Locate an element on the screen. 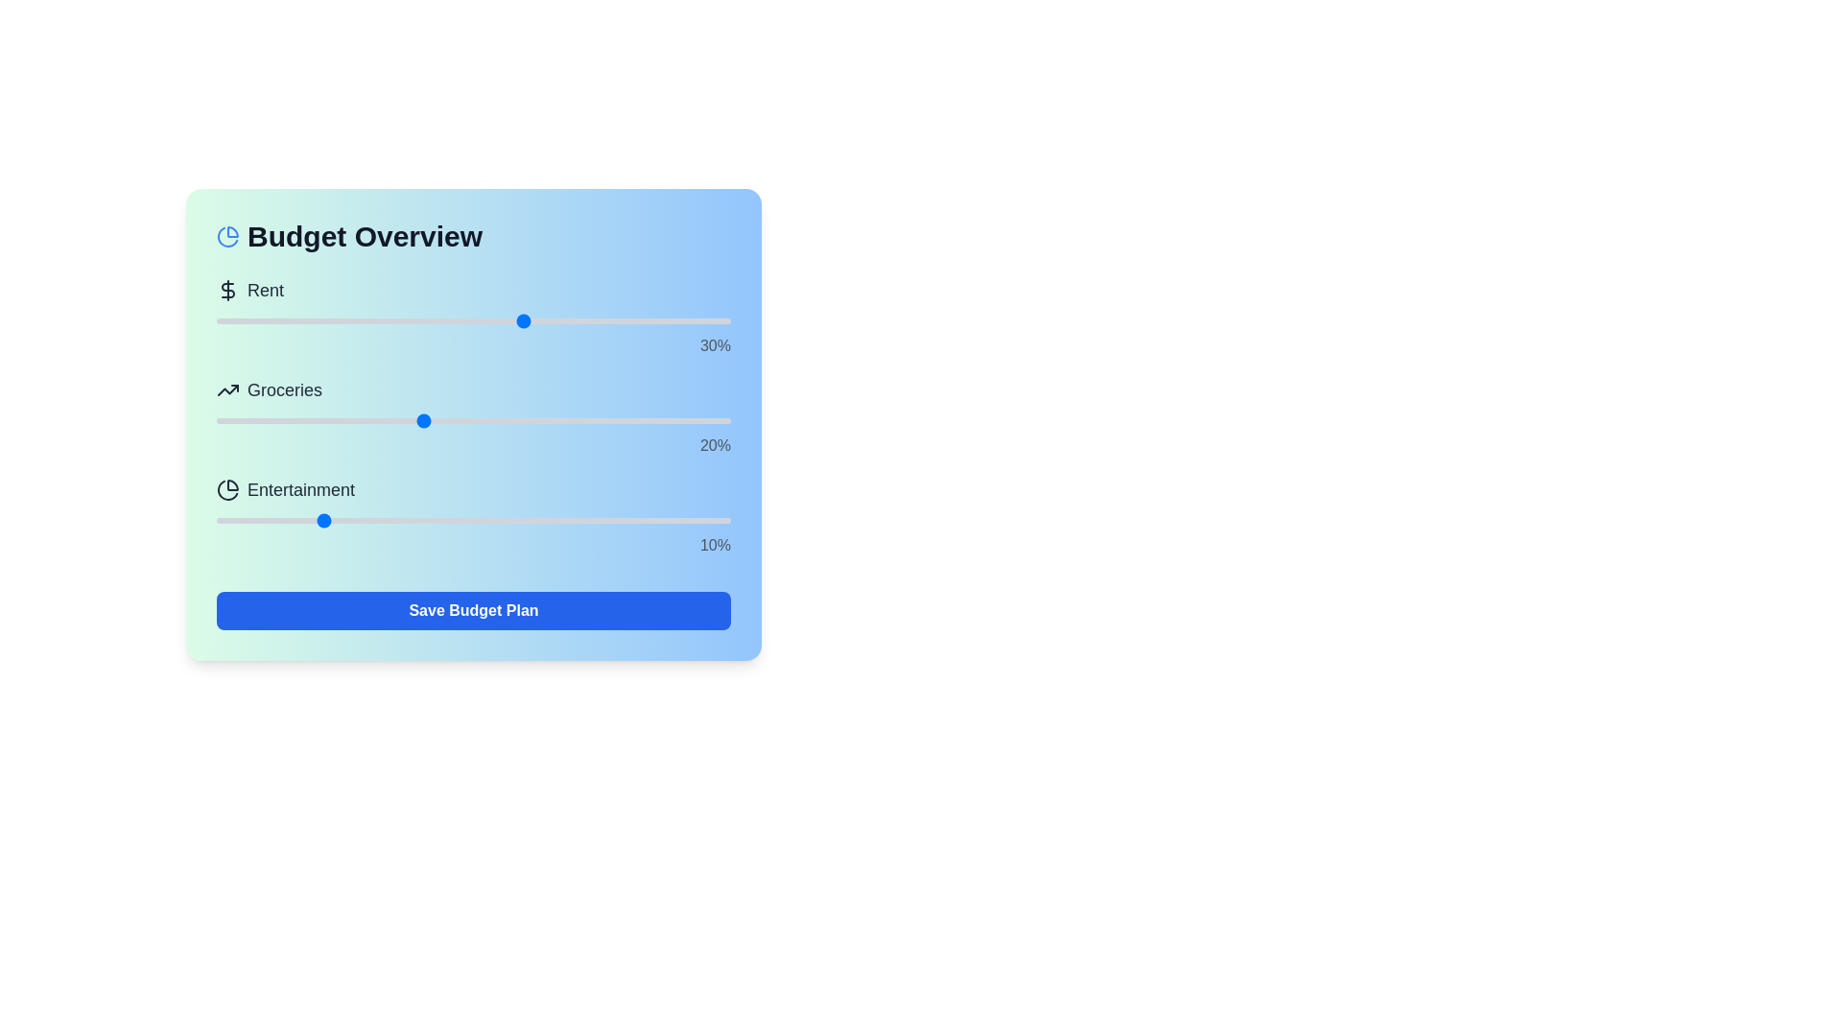 Image resolution: width=1842 pixels, height=1036 pixels. the 'Entertainment' slider is located at coordinates (535, 521).